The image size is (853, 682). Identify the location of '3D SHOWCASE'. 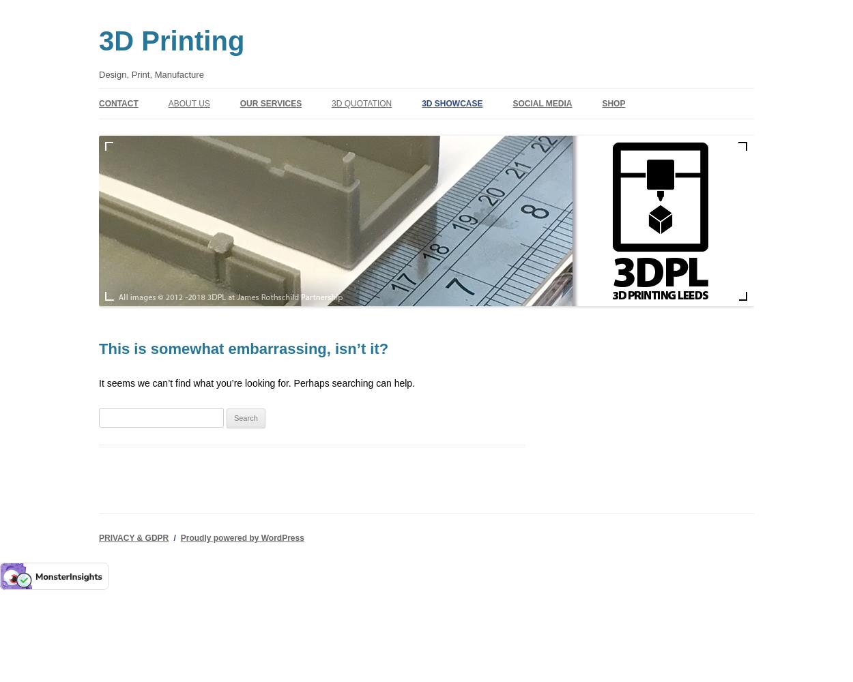
(452, 103).